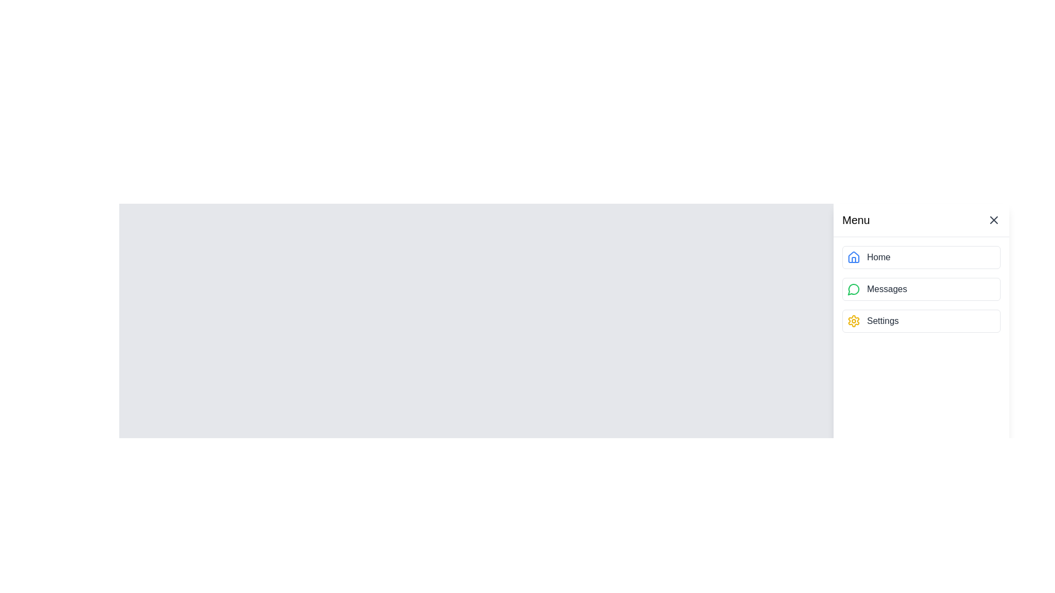 This screenshot has height=593, width=1055. I want to click on the green circular icon in the vertical navigation menu labeled 'Messages', located beneath 'Home' and above 'Settings', so click(853, 289).